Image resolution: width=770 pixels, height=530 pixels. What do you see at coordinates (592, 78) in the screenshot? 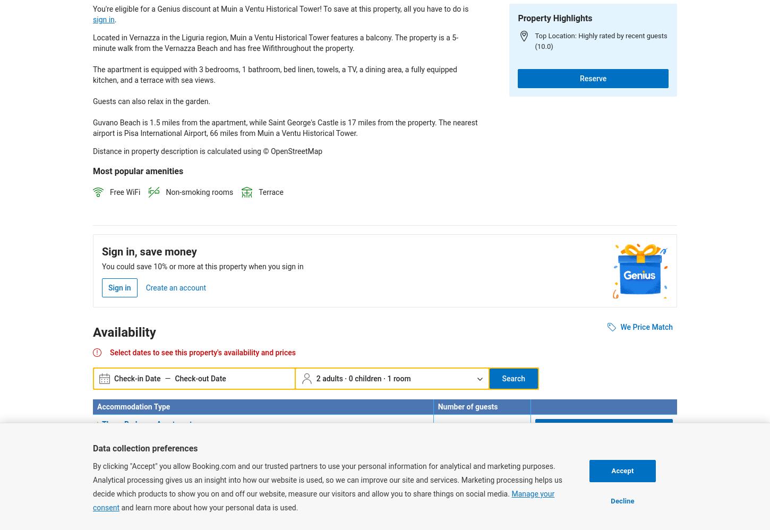
I see `'Reserve'` at bounding box center [592, 78].